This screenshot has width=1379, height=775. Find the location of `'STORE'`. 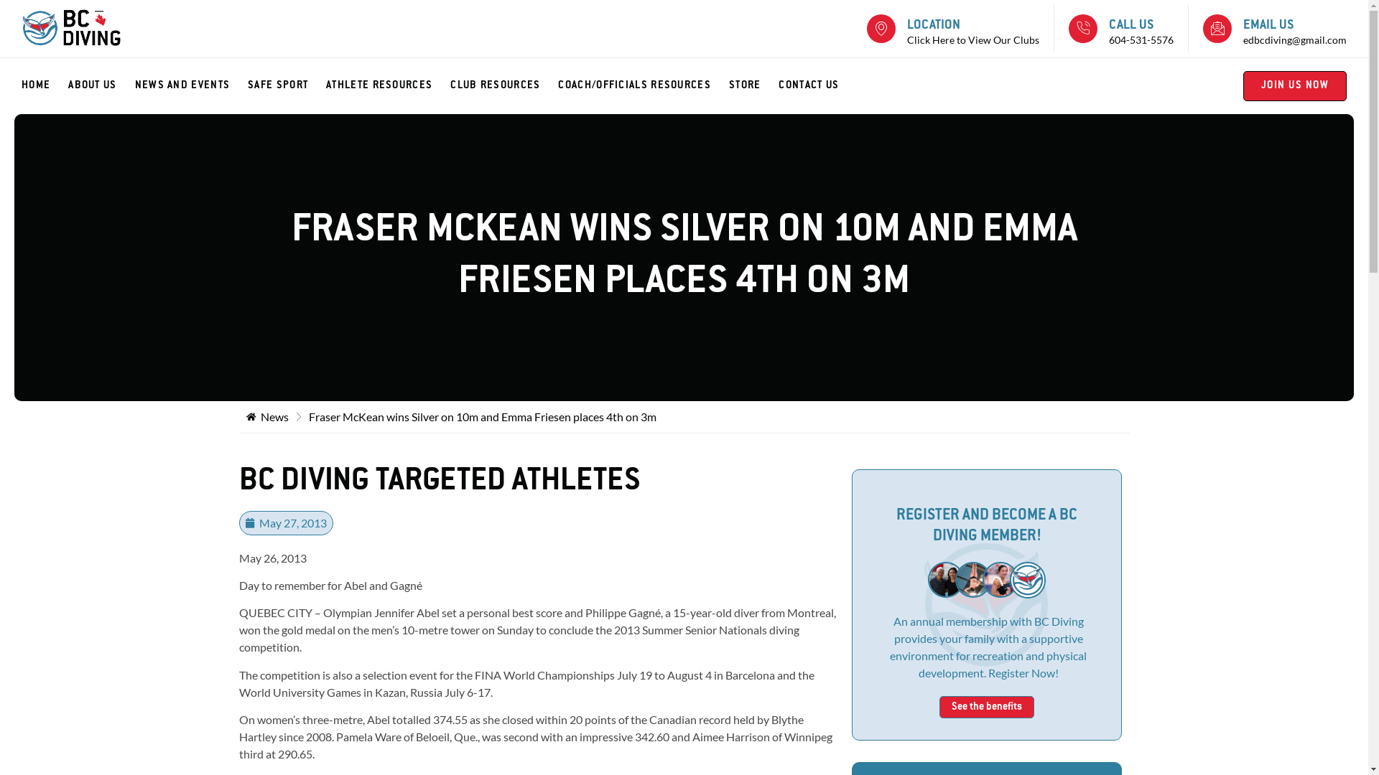

'STORE' is located at coordinates (753, 86).